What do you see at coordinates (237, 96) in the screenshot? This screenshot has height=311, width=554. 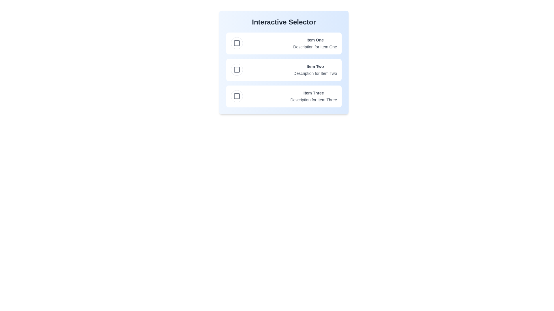 I see `the circular button with a bordered perimeter and a square gray icon inside, located to the left of the 'Item Three' text` at bounding box center [237, 96].